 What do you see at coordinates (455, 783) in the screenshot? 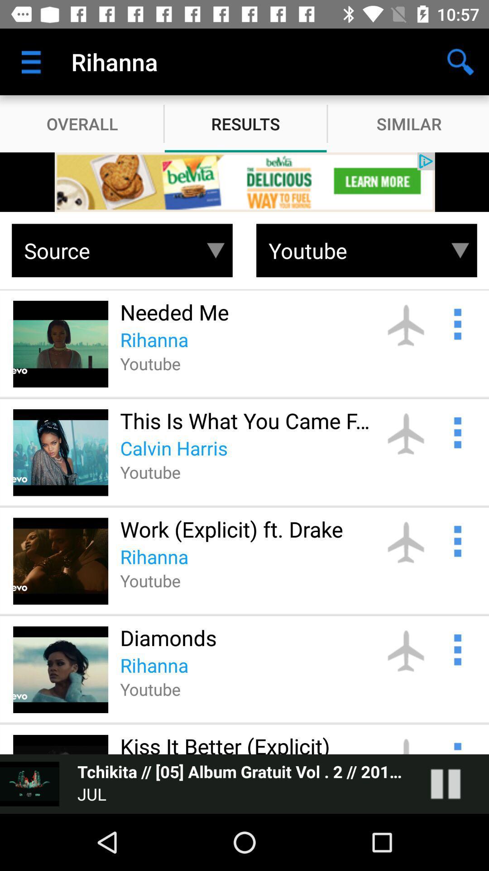
I see `the pause icon` at bounding box center [455, 783].